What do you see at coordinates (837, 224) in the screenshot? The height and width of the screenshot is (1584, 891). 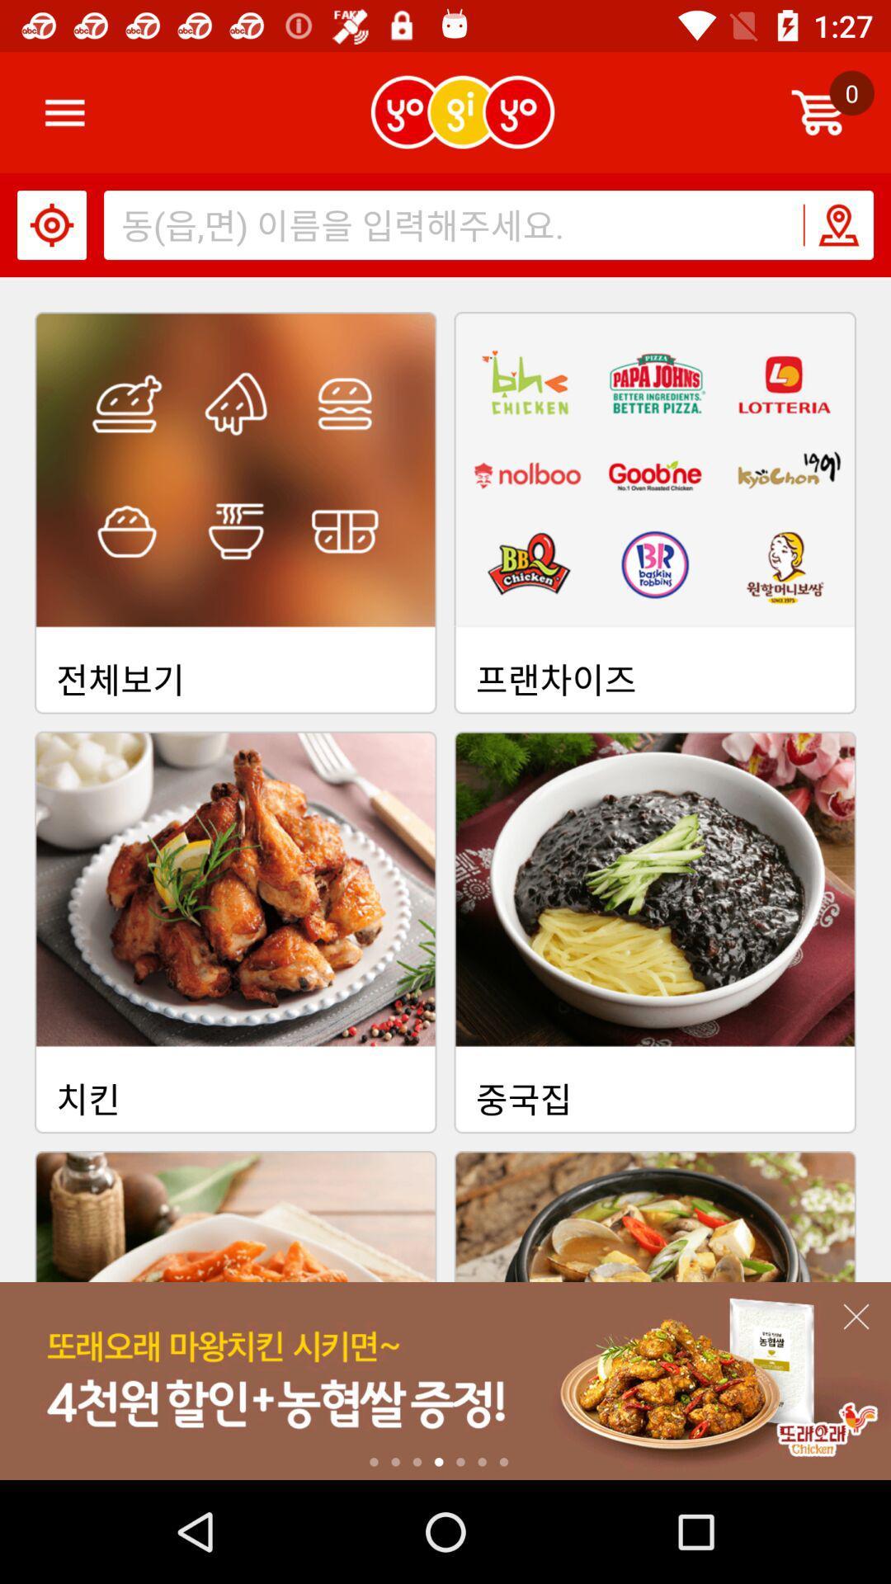 I see `the location icon` at bounding box center [837, 224].